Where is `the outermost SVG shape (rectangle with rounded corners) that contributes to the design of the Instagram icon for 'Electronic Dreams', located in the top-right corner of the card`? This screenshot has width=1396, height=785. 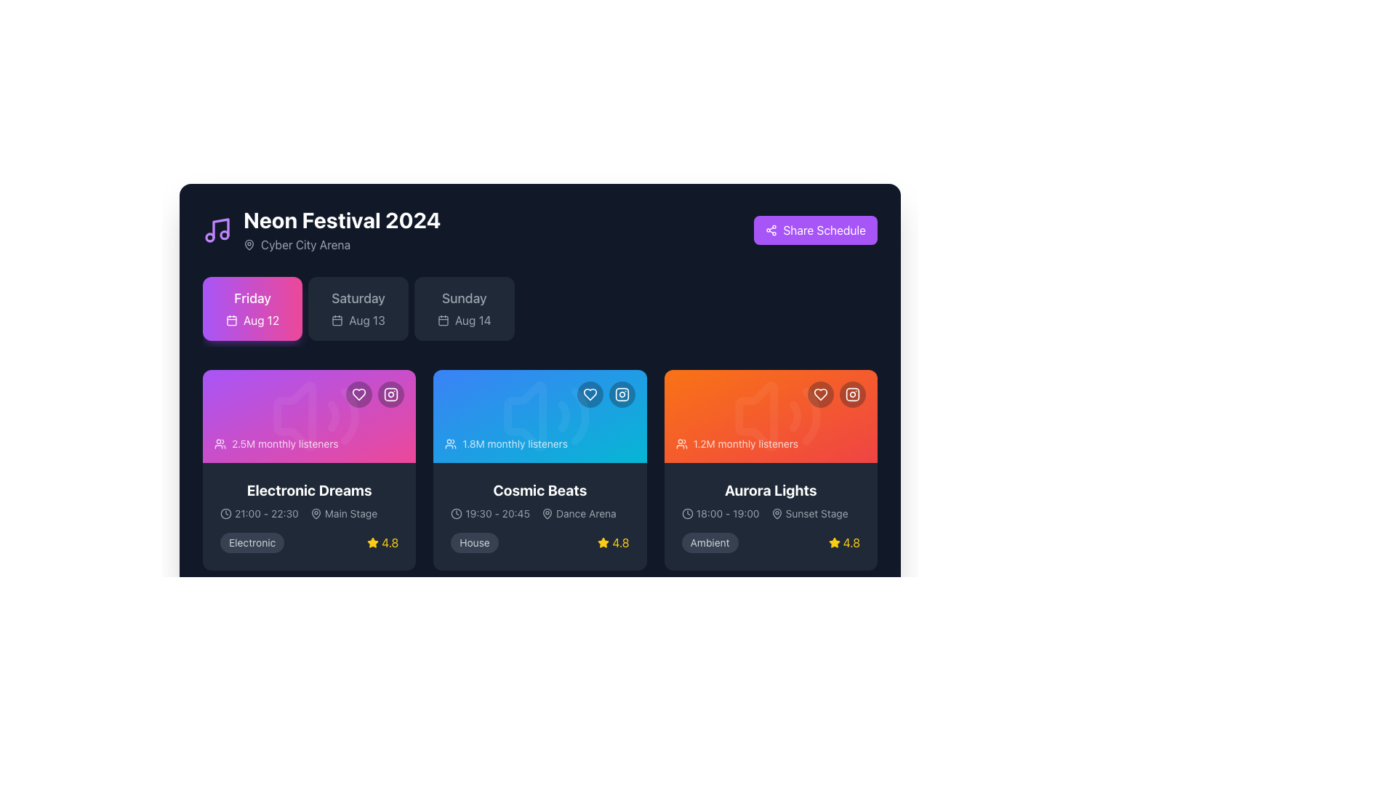 the outermost SVG shape (rectangle with rounded corners) that contributes to the design of the Instagram icon for 'Electronic Dreams', located in the top-right corner of the card is located at coordinates (391, 395).